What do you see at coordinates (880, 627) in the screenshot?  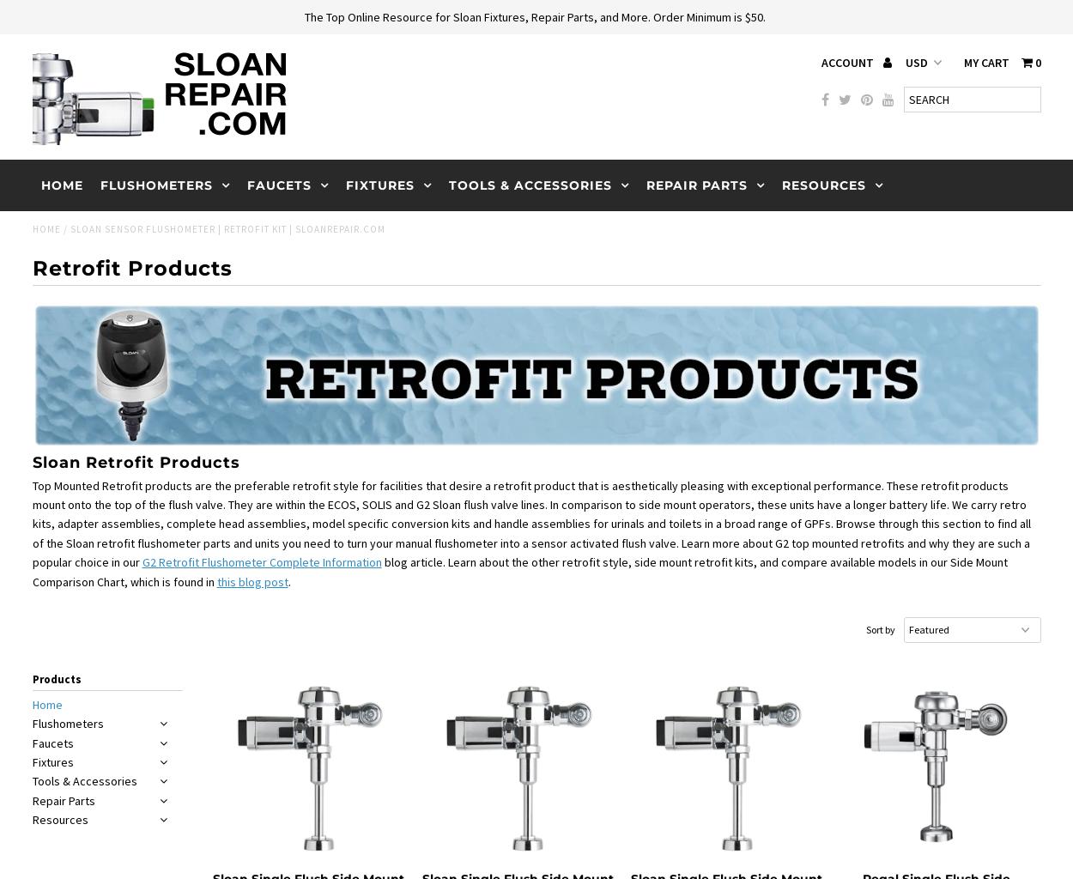 I see `'Sort by'` at bounding box center [880, 627].